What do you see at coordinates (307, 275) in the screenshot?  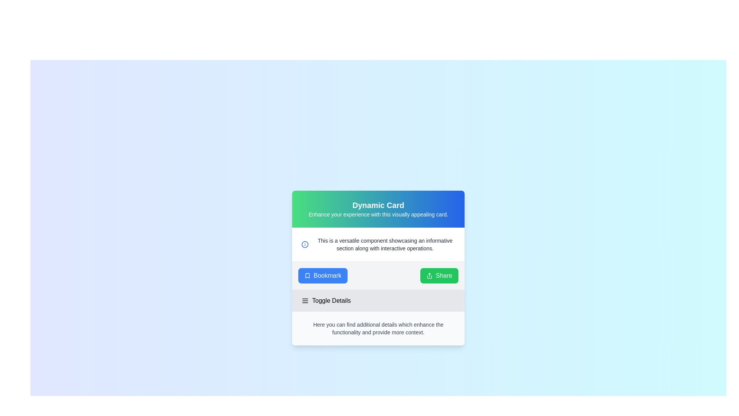 I see `the SVG Icon that symbolizes a bookmark action, located to the left of the 'Bookmark' button in the dynamic card layout` at bounding box center [307, 275].